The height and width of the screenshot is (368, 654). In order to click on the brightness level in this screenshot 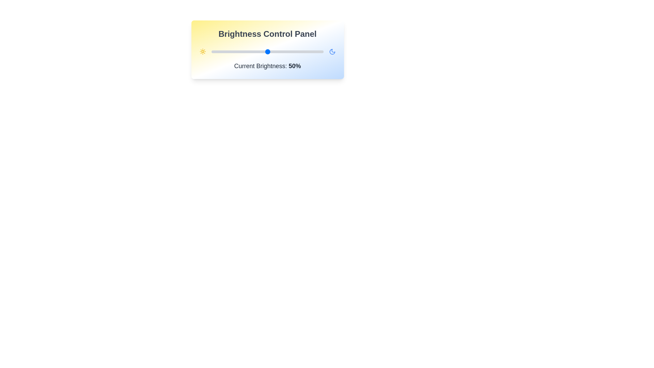, I will do `click(322, 51)`.